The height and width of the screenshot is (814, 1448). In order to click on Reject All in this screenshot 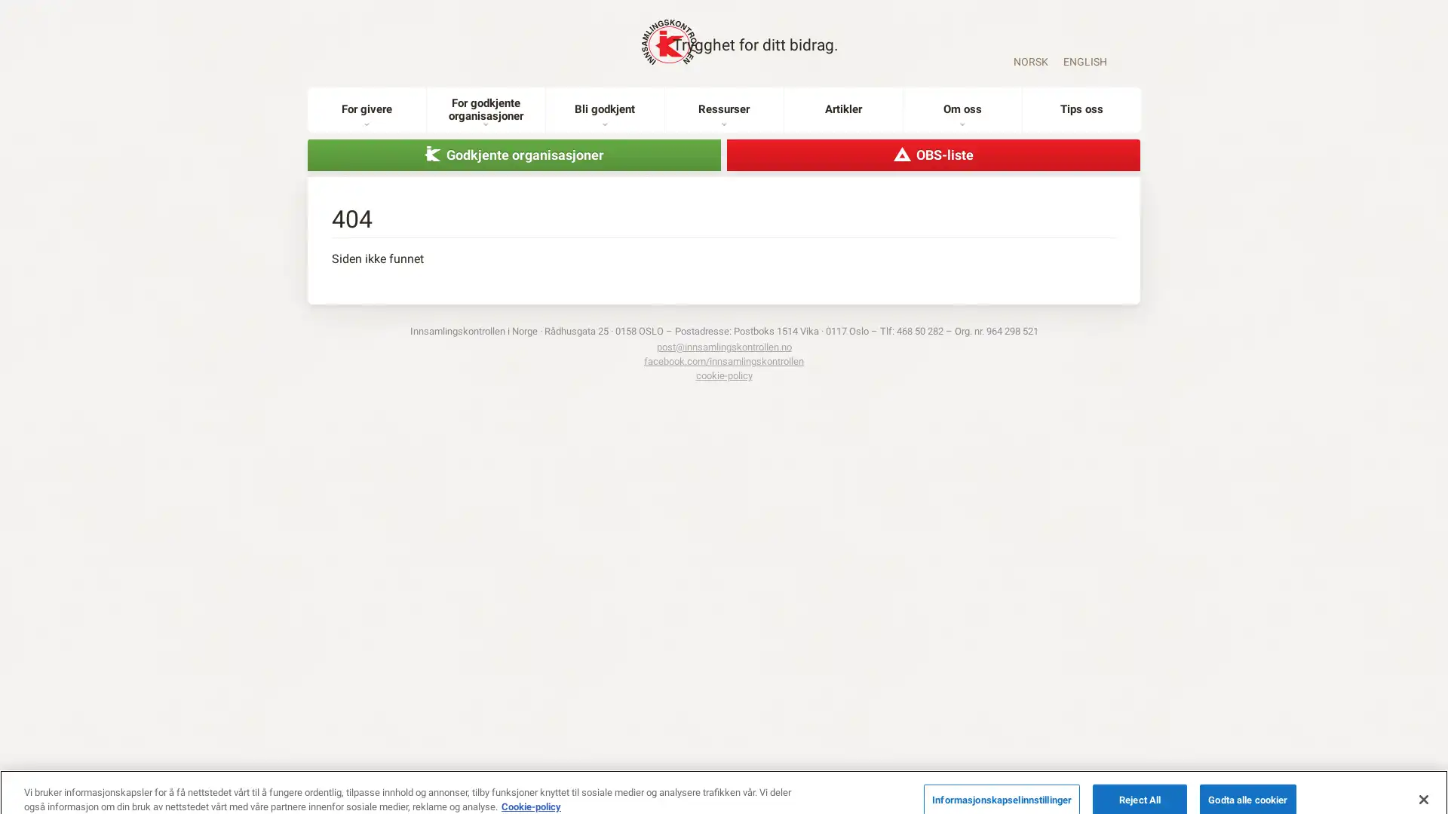, I will do `click(1140, 781)`.